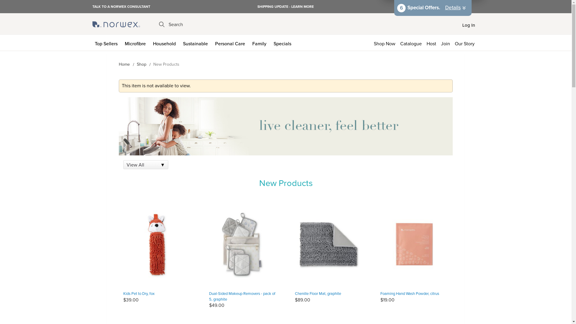 The width and height of the screenshot is (576, 324). I want to click on 'Search', so click(171, 24).